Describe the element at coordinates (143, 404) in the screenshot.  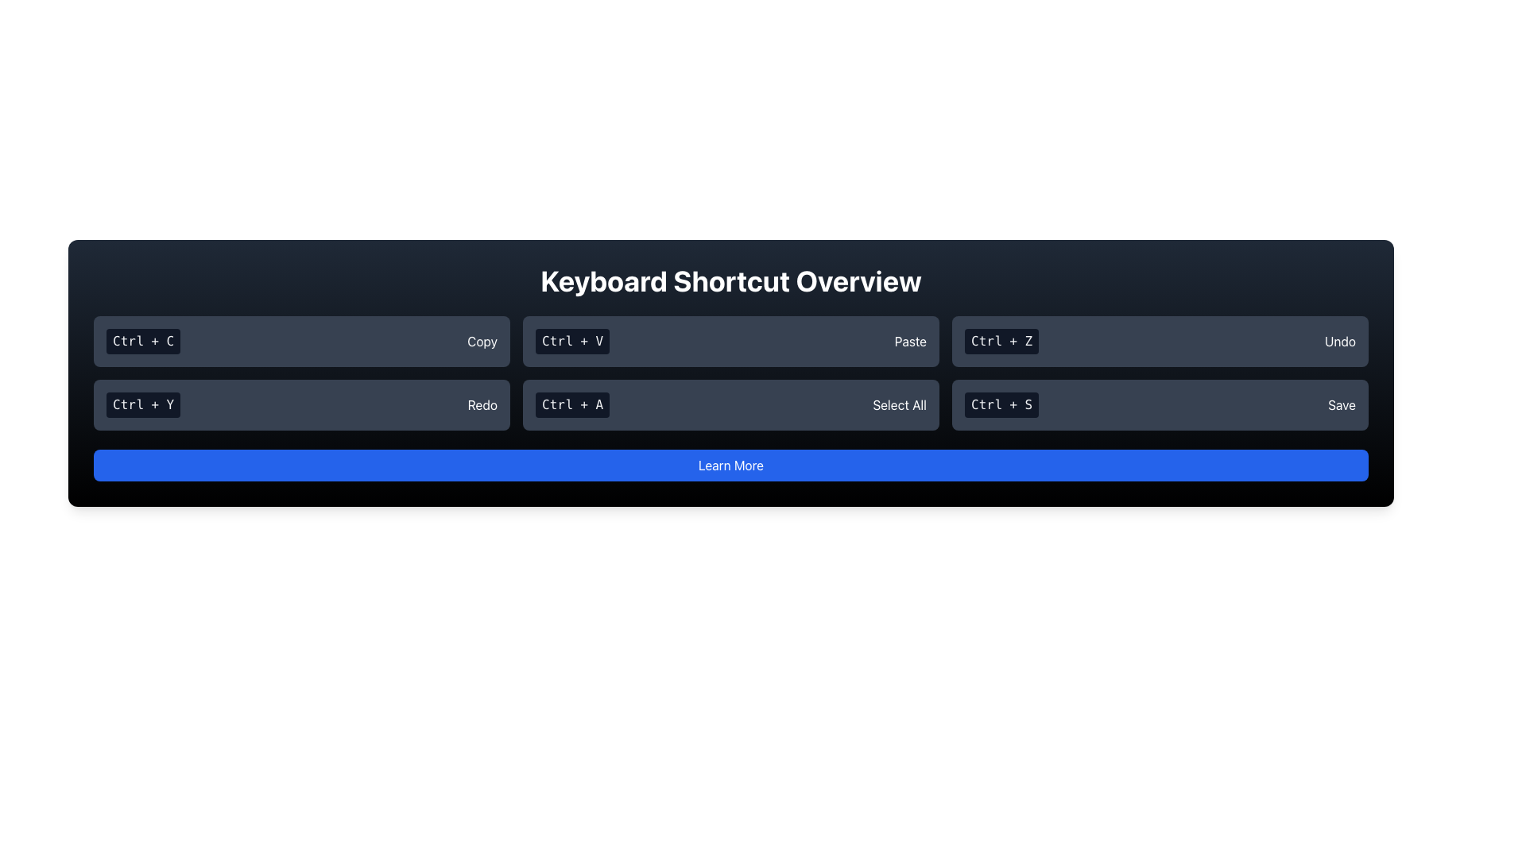
I see `the Text Label styled as a button that indicates the 'Ctrl + Y' keyboard shortcut associated with the 'Redo' action` at that location.